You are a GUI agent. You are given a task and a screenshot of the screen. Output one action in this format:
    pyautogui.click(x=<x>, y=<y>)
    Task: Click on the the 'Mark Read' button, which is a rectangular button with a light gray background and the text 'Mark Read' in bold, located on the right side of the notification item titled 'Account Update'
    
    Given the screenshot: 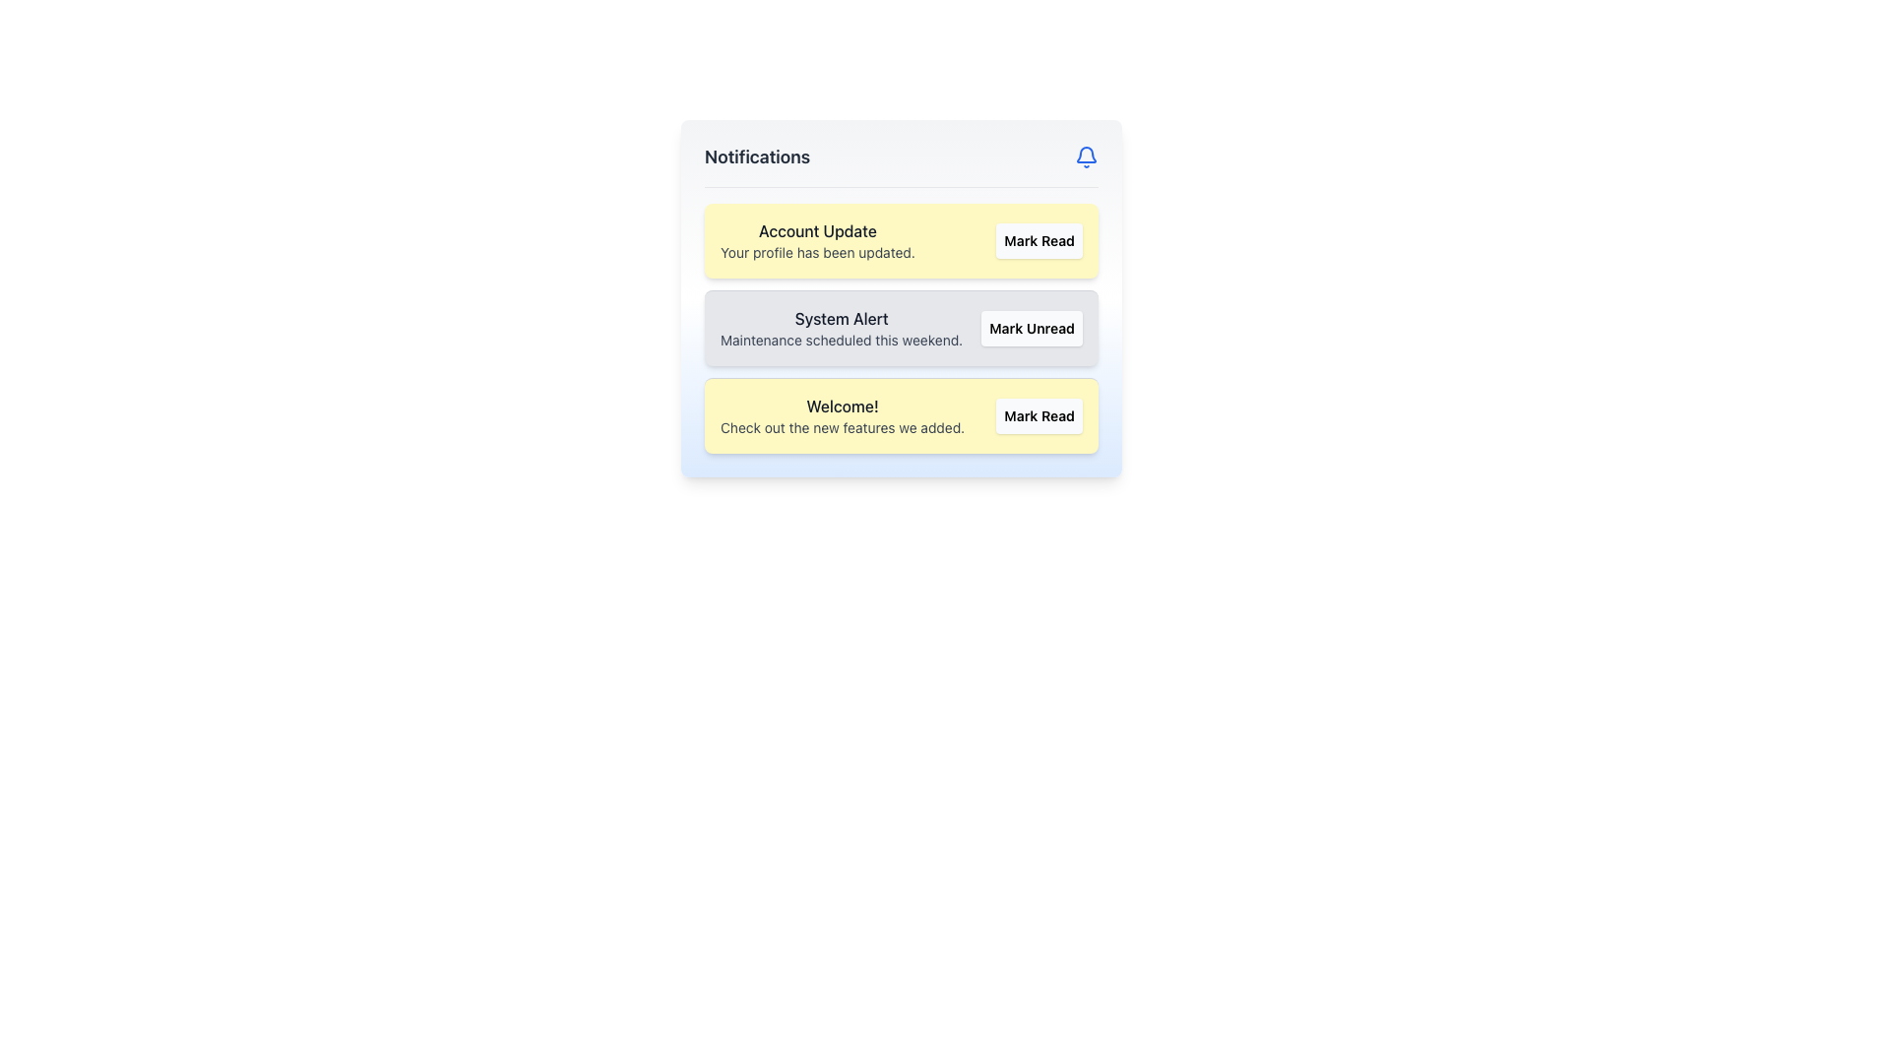 What is the action you would take?
    pyautogui.click(x=1039, y=240)
    